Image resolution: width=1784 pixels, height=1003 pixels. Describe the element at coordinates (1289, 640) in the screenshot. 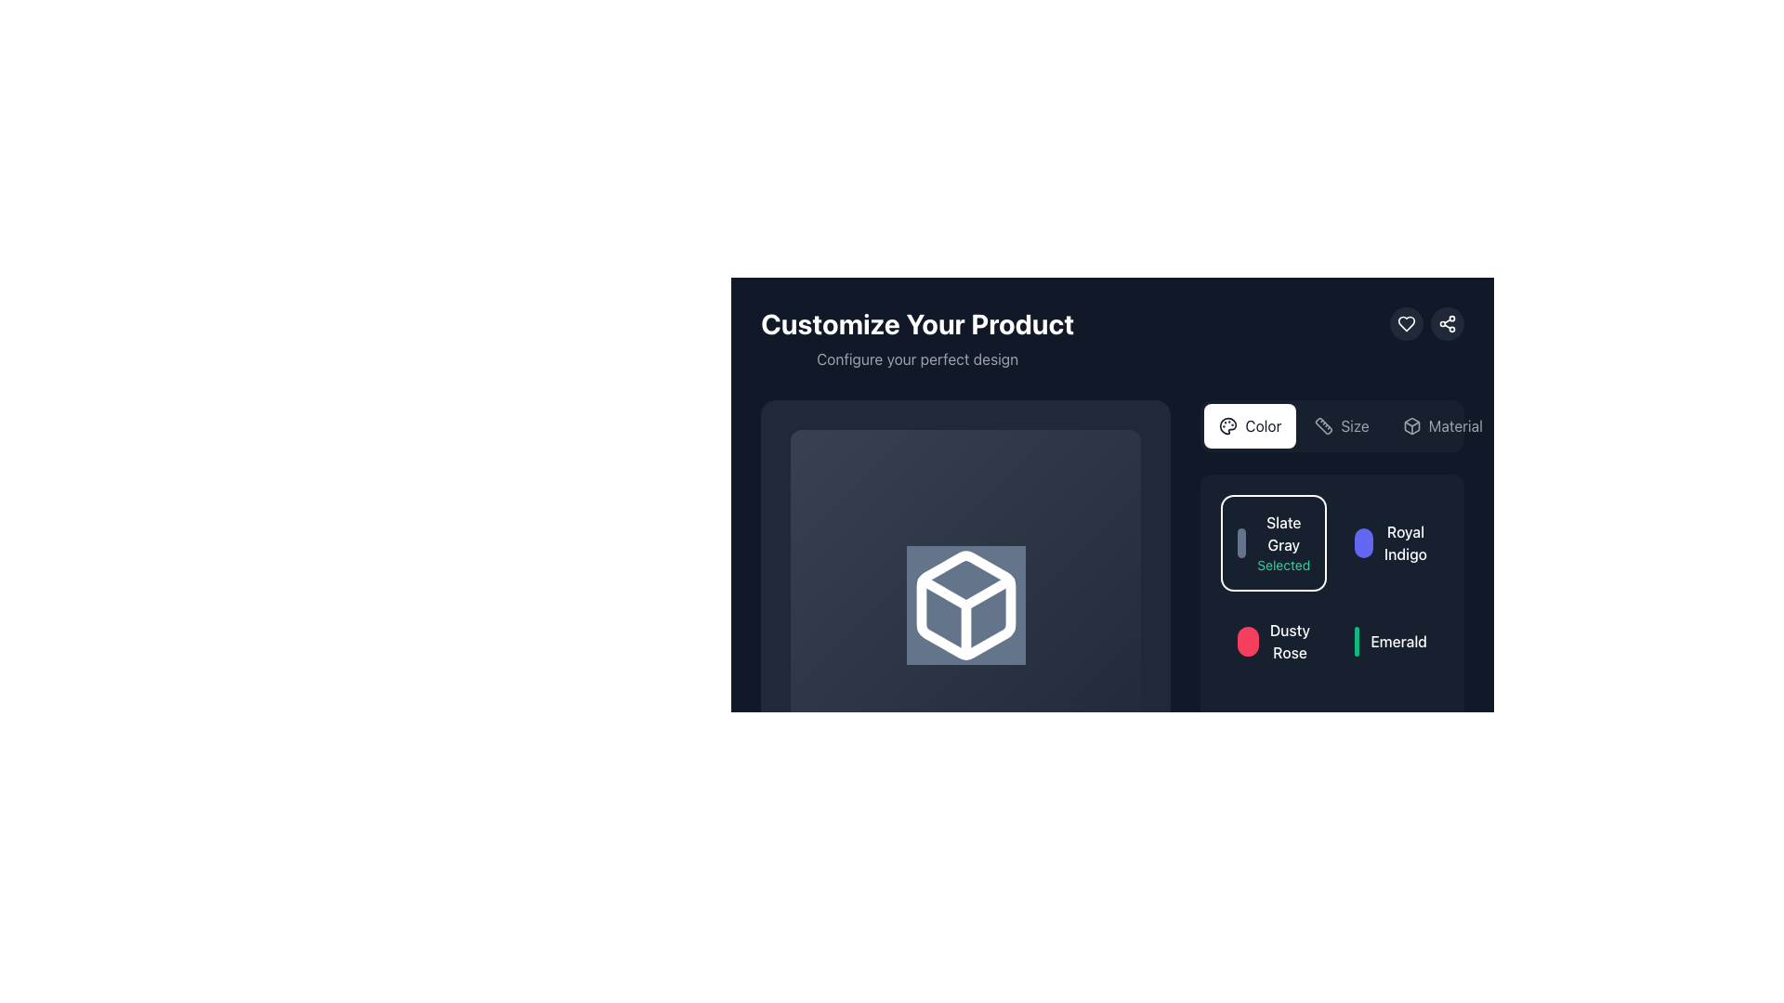

I see `the 'Dusty Rose' color option label in the product customization interface, which is positioned below 'Slate Gray' and adjacent to 'Royal Indigo' and 'Emerald'` at that location.